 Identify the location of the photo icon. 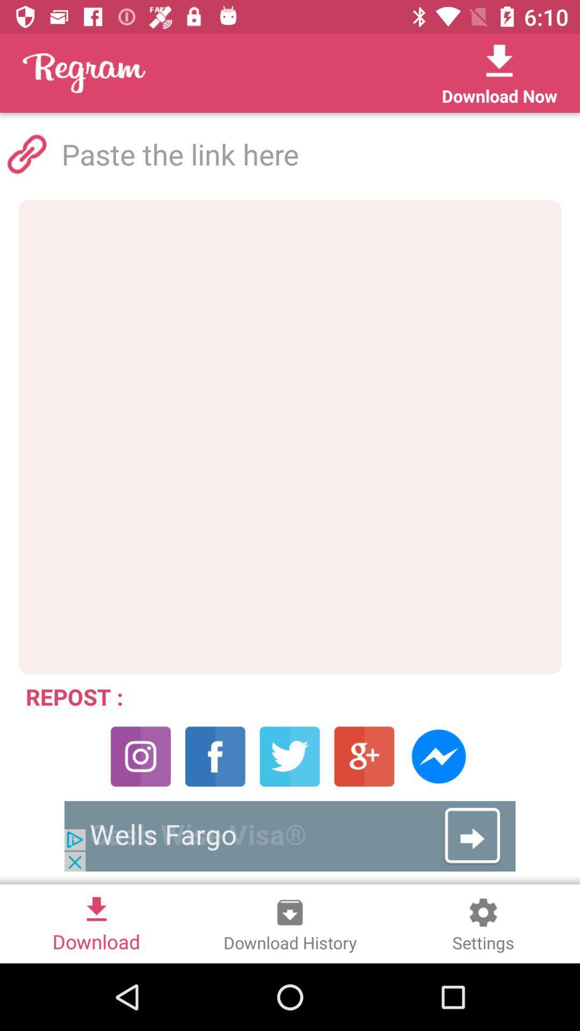
(140, 756).